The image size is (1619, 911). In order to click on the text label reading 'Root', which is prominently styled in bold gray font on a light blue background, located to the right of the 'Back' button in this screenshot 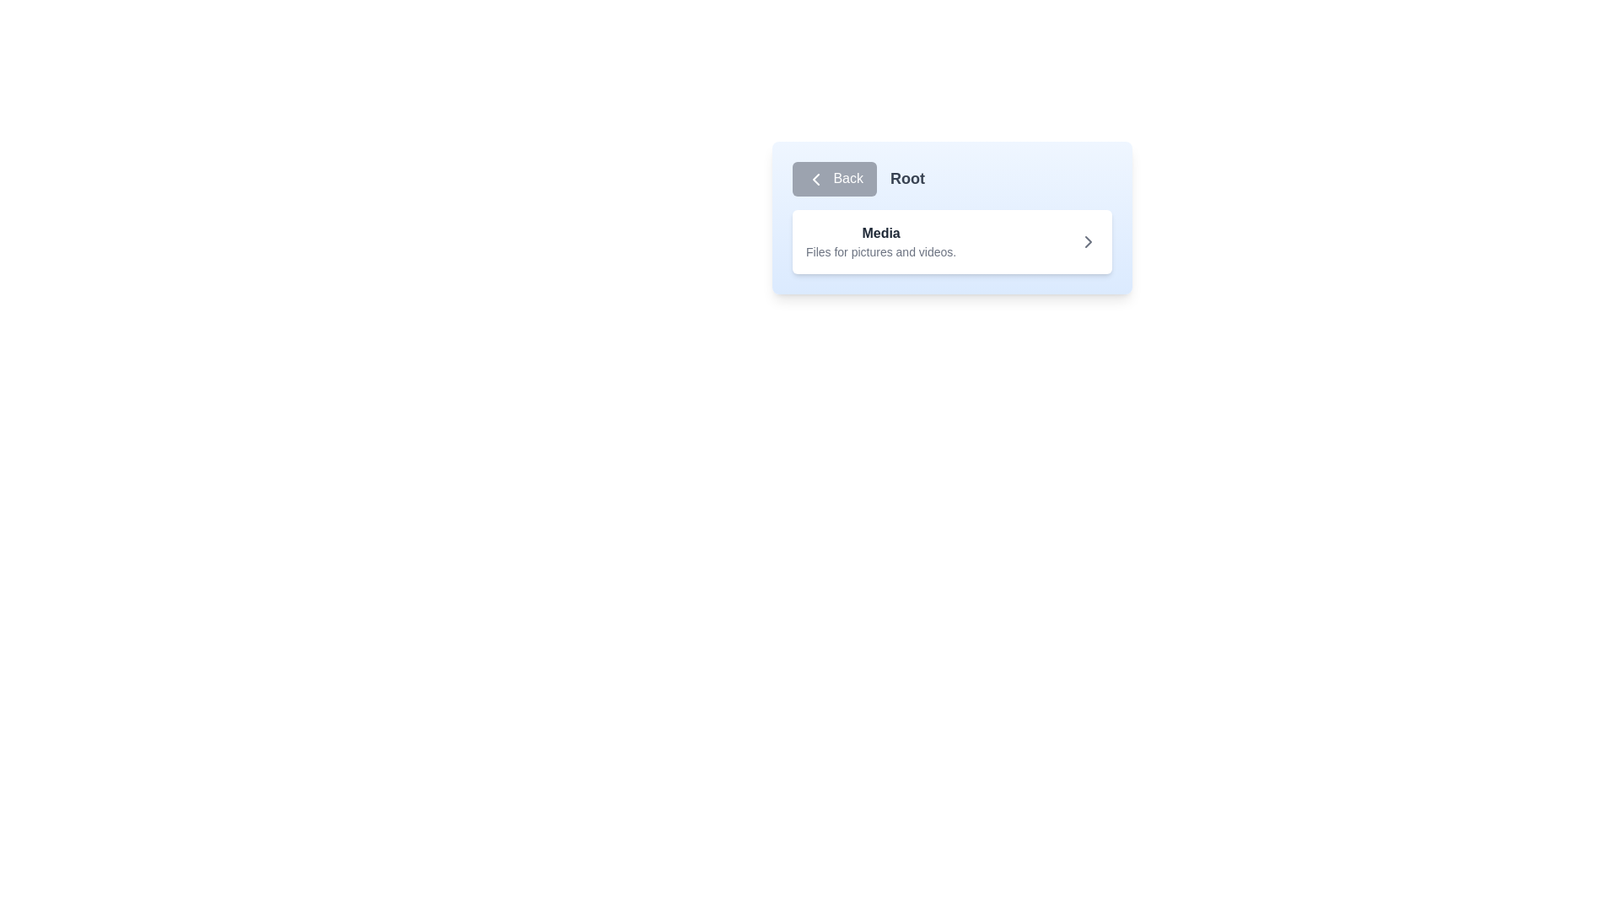, I will do `click(906, 179)`.